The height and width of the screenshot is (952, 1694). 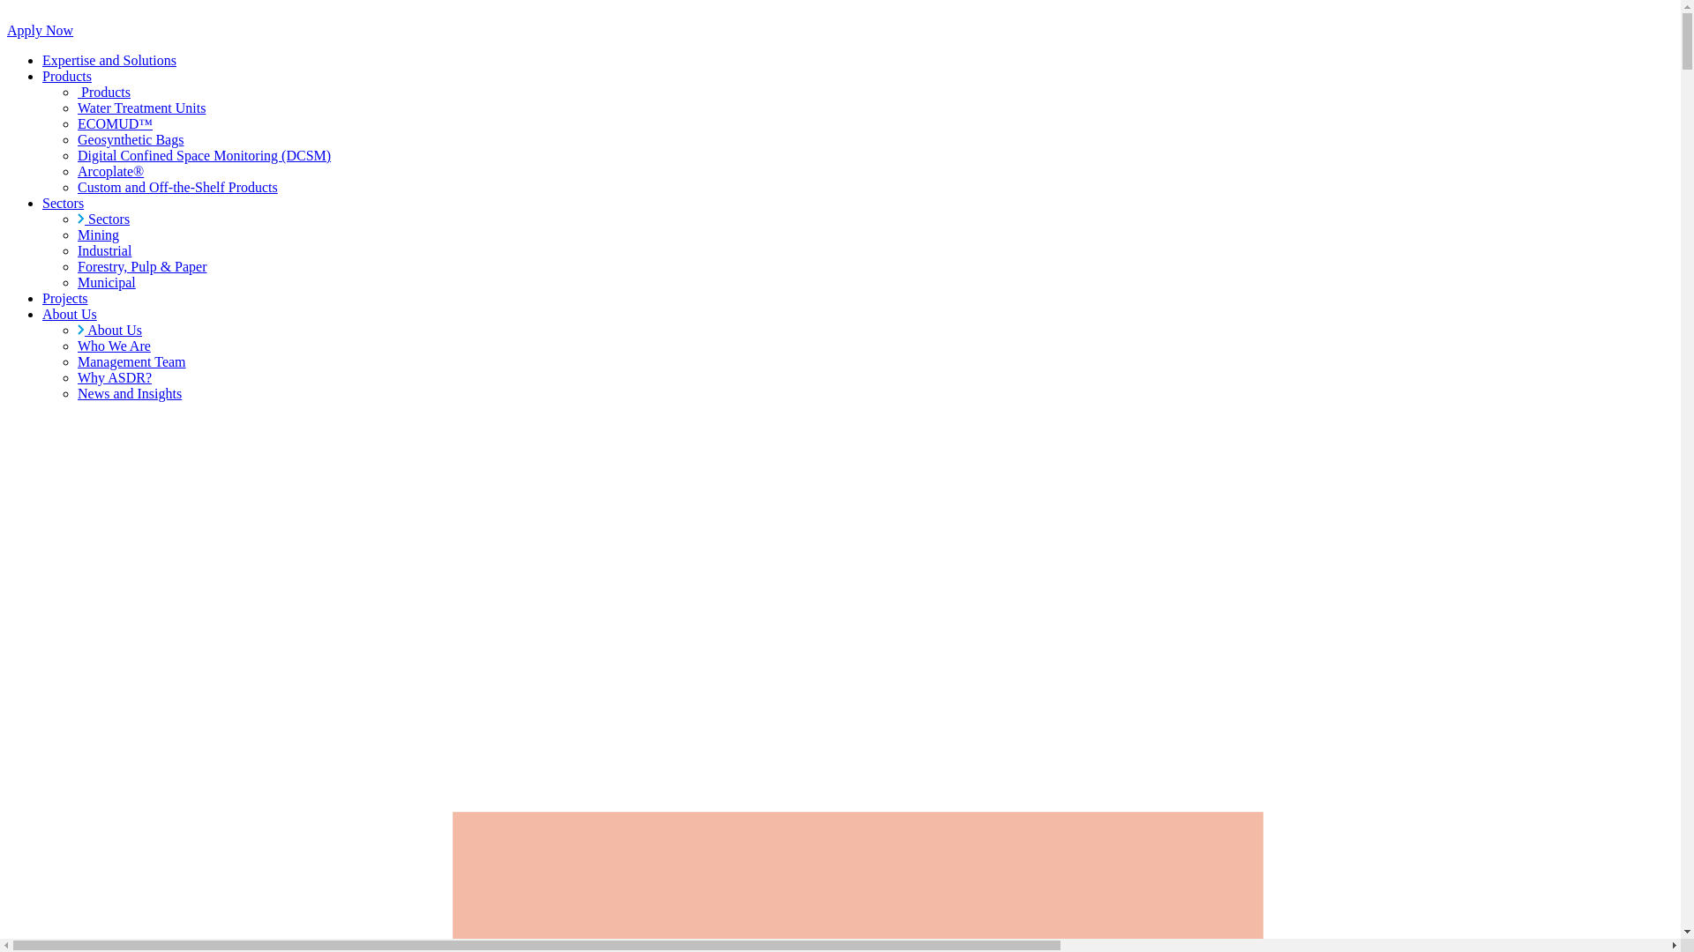 I want to click on 'Expertise and Solutions', so click(x=42, y=59).